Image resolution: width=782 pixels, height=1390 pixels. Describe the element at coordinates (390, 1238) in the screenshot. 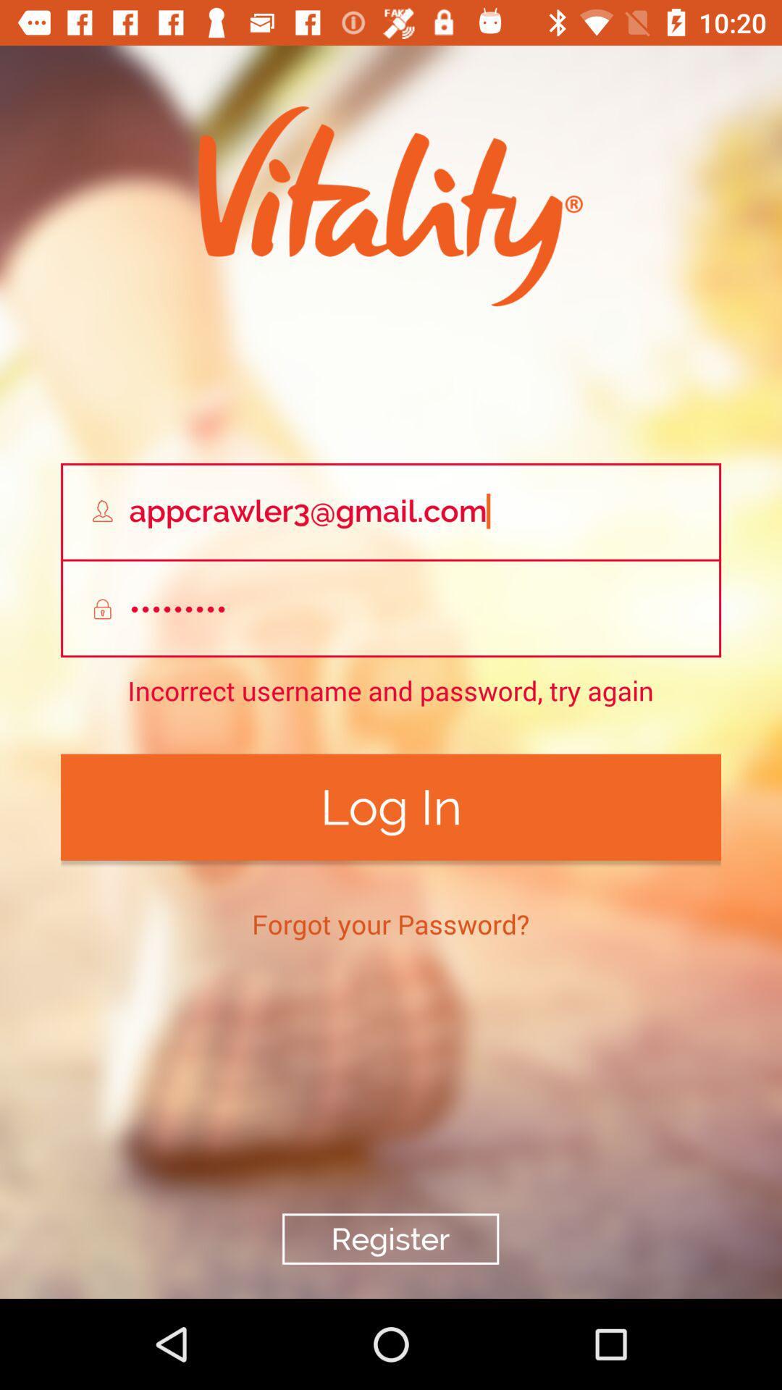

I see `the register` at that location.